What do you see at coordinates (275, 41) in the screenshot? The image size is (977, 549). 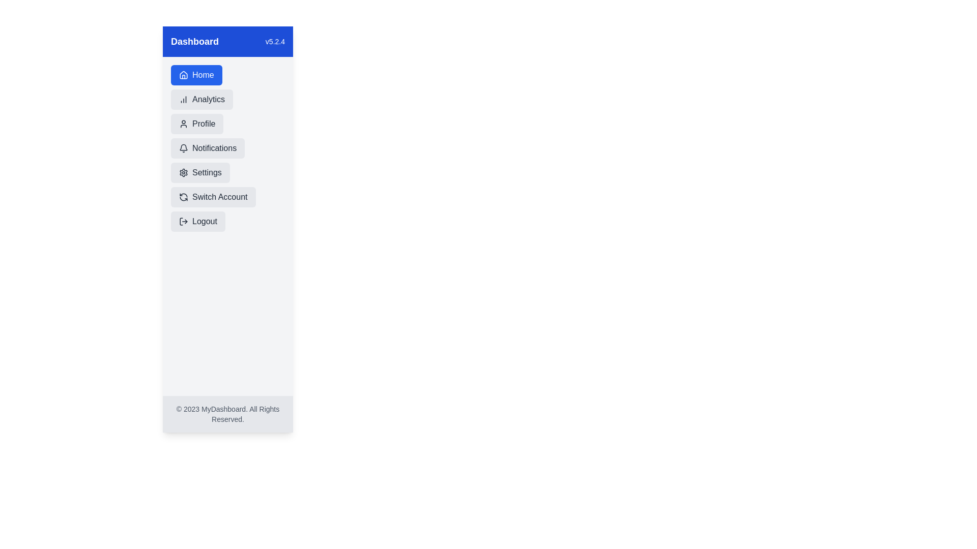 I see `the static text label indicating the application version, which is located on the far right side of the header bar, following the 'Dashboard' label` at bounding box center [275, 41].